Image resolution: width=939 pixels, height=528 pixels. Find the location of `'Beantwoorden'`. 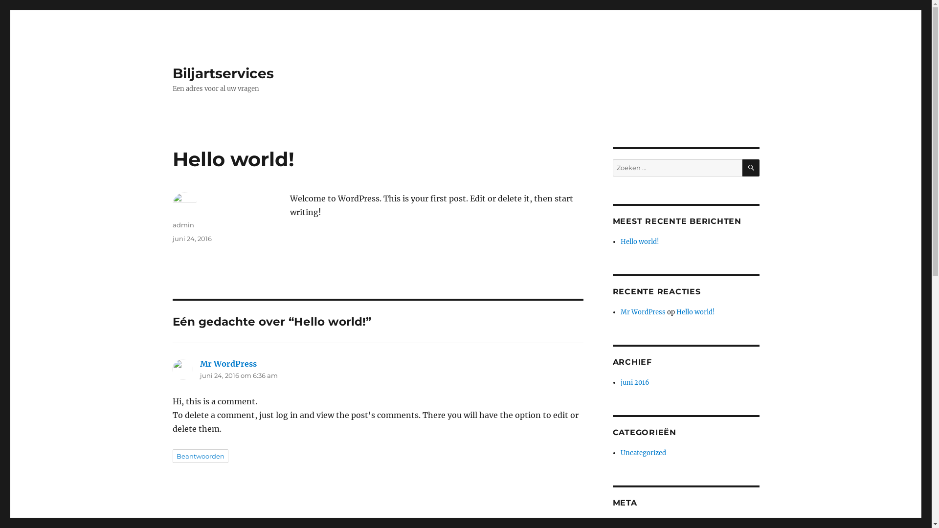

'Beantwoorden' is located at coordinates (199, 456).